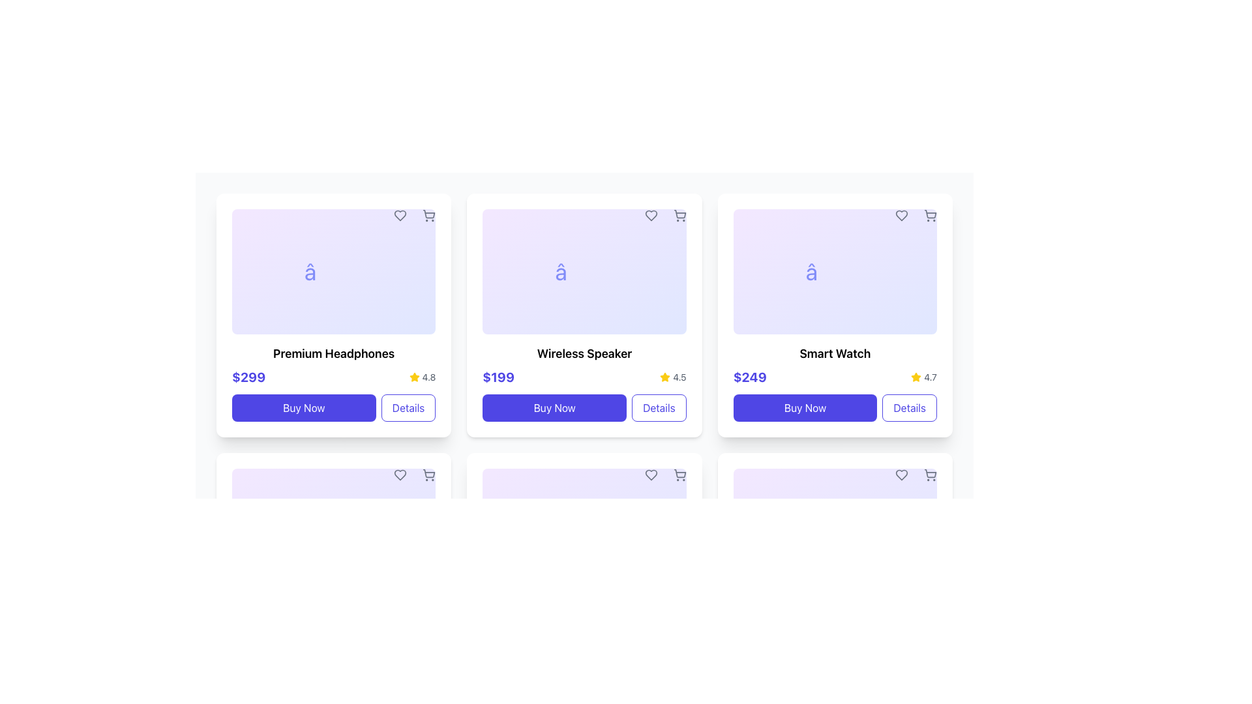 The image size is (1252, 704). What do you see at coordinates (916, 377) in the screenshot?
I see `the star icon located in the upper-right corner of the 'Smart Watch' product card, adjacent to the heart and shopping cart icons` at bounding box center [916, 377].